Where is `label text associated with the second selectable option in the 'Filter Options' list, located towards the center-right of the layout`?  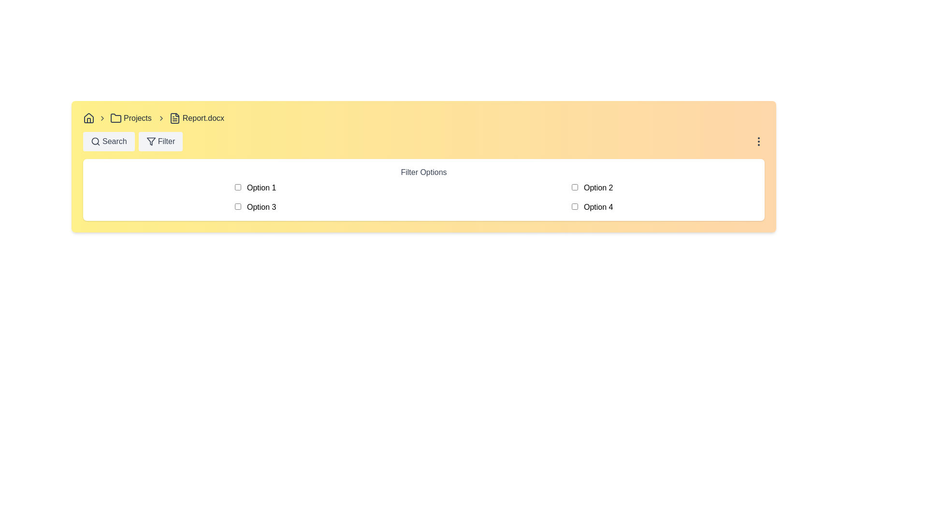 label text associated with the second selectable option in the 'Filter Options' list, located towards the center-right of the layout is located at coordinates (592, 188).